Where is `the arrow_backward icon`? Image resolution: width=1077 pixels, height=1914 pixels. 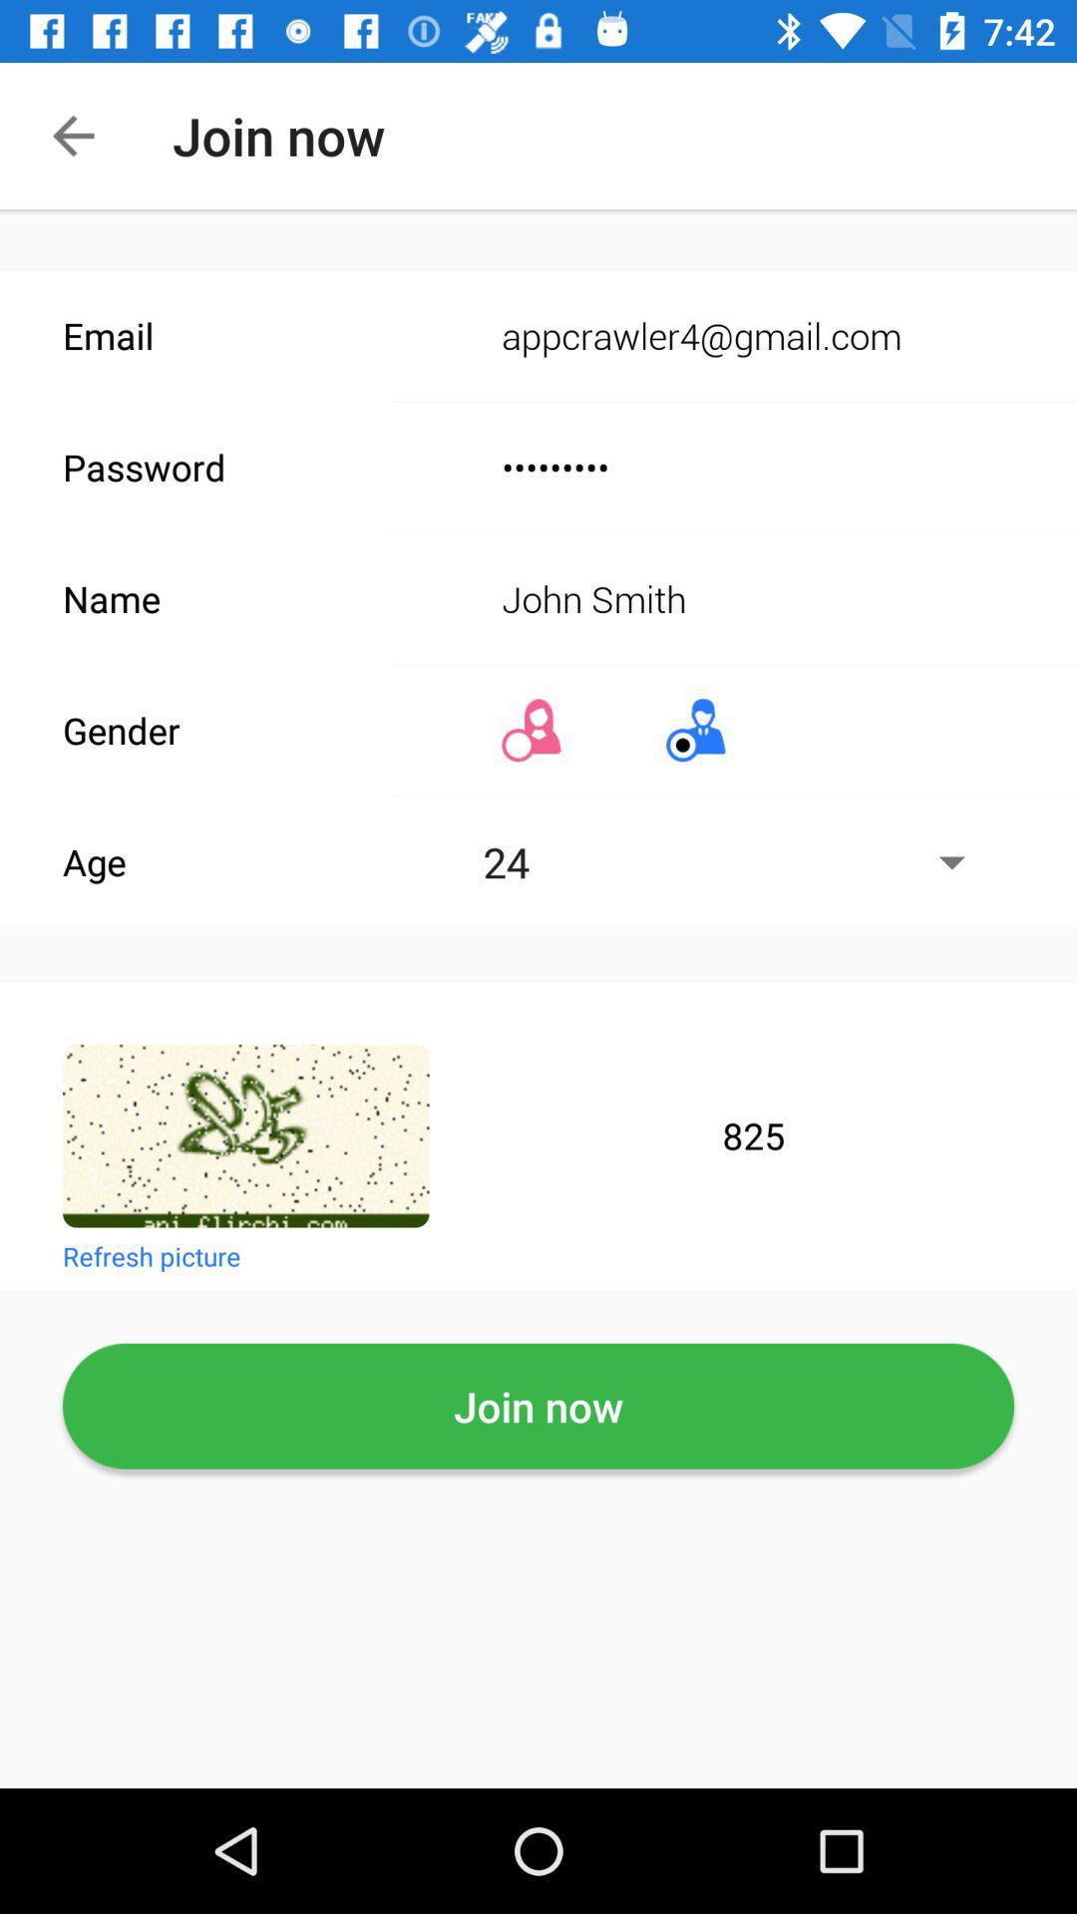 the arrow_backward icon is located at coordinates (72, 135).